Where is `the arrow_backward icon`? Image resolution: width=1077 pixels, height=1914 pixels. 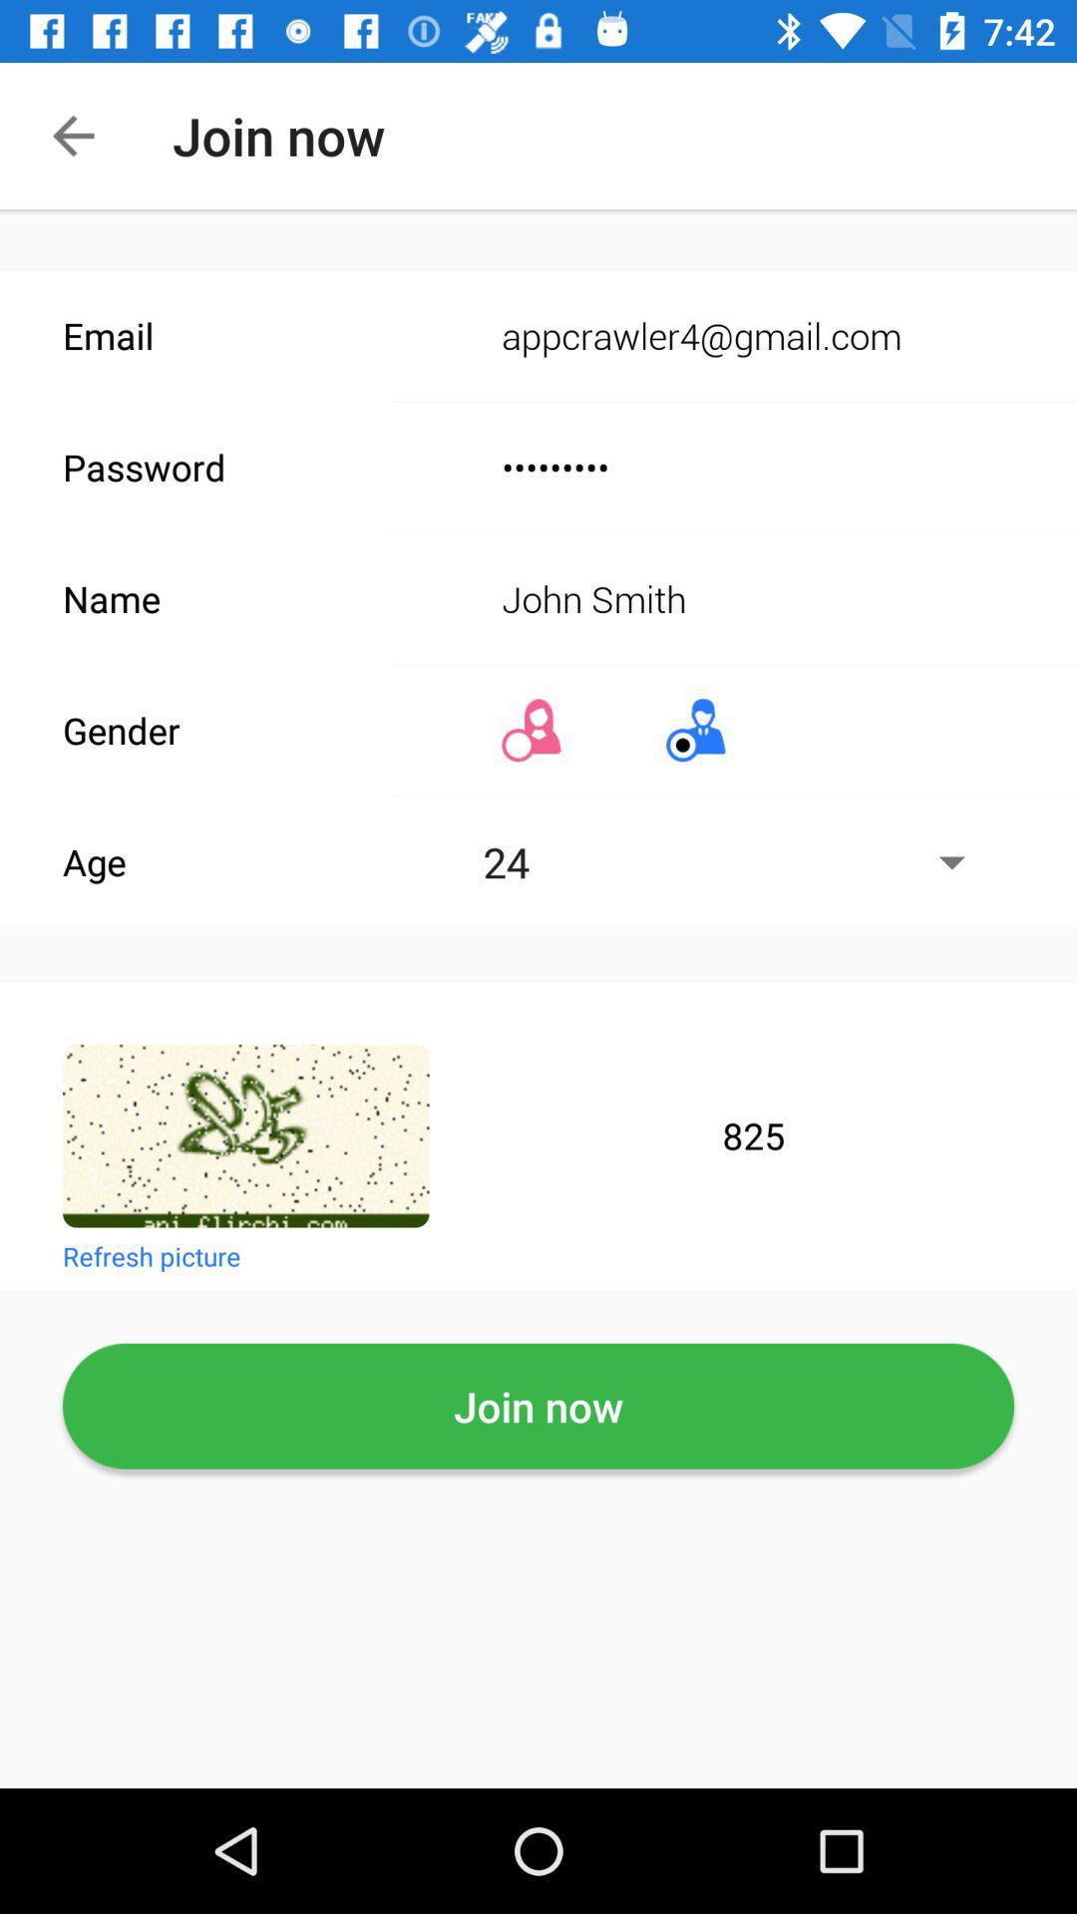 the arrow_backward icon is located at coordinates (72, 135).